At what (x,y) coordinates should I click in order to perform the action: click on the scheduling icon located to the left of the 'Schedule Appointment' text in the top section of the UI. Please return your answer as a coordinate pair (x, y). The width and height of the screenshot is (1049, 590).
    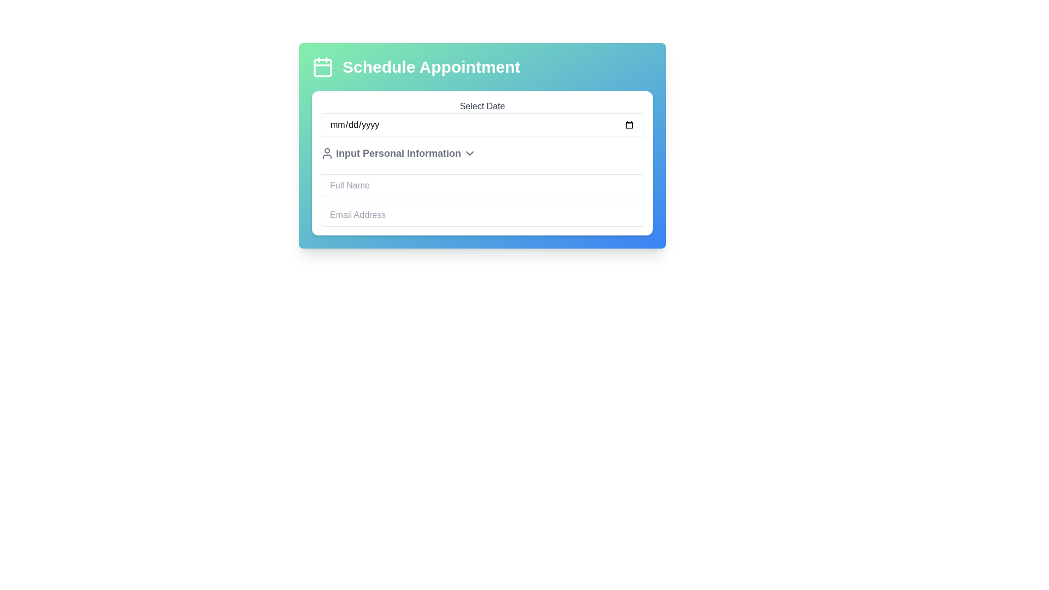
    Looking at the image, I should click on (322, 67).